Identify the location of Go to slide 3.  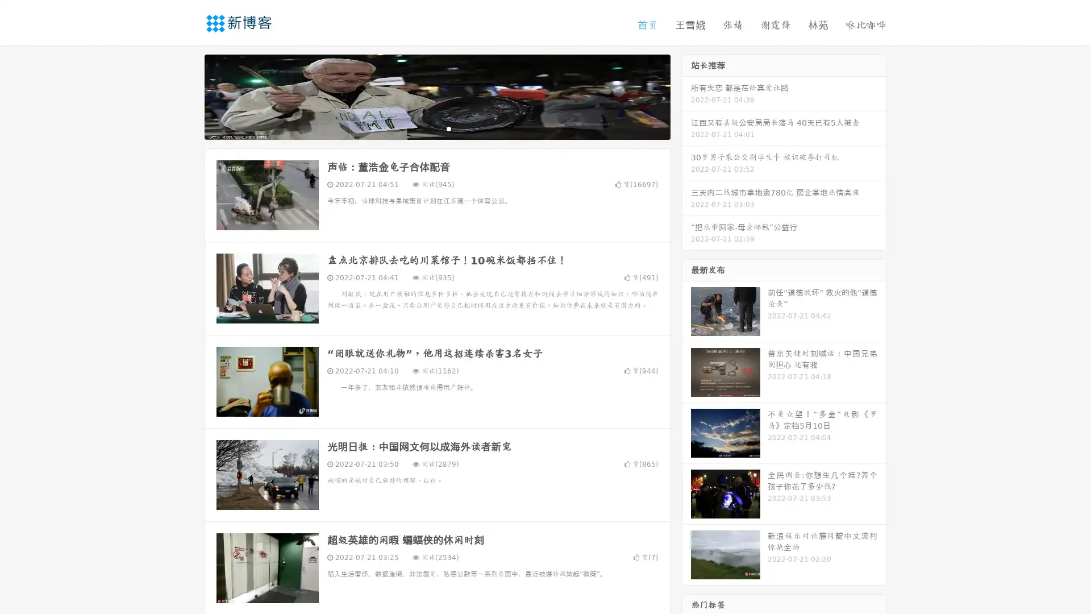
(448, 128).